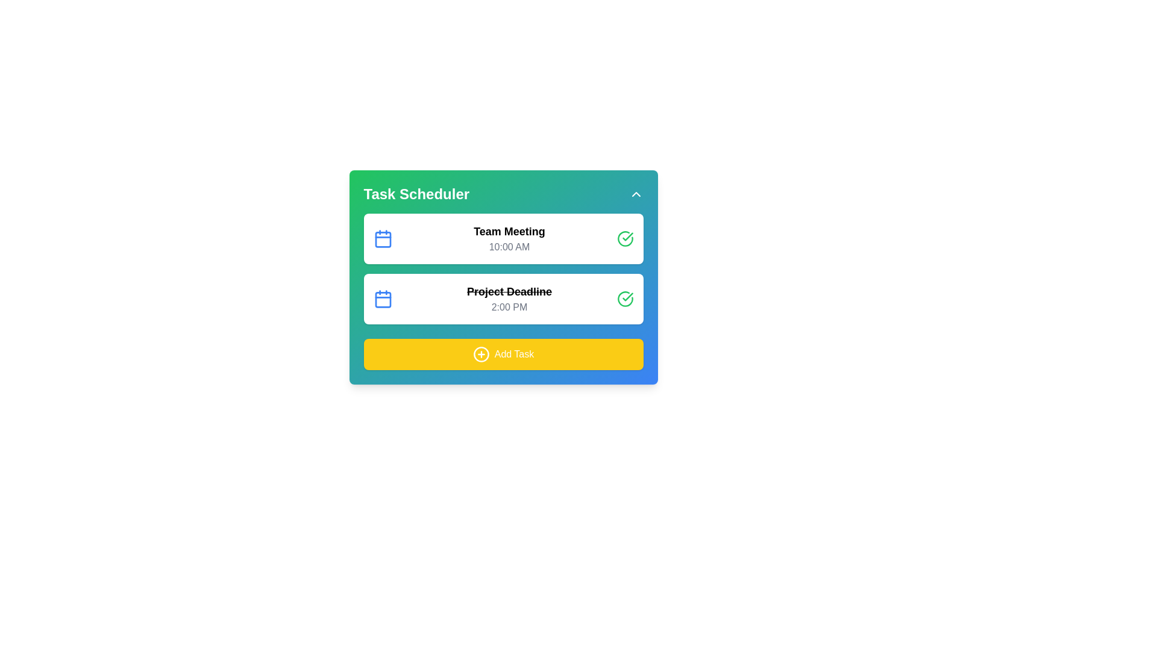  Describe the element at coordinates (382, 299) in the screenshot. I see `the blue rectangular outline inside the calendar icon associated with the 'Project Deadline' task title` at that location.